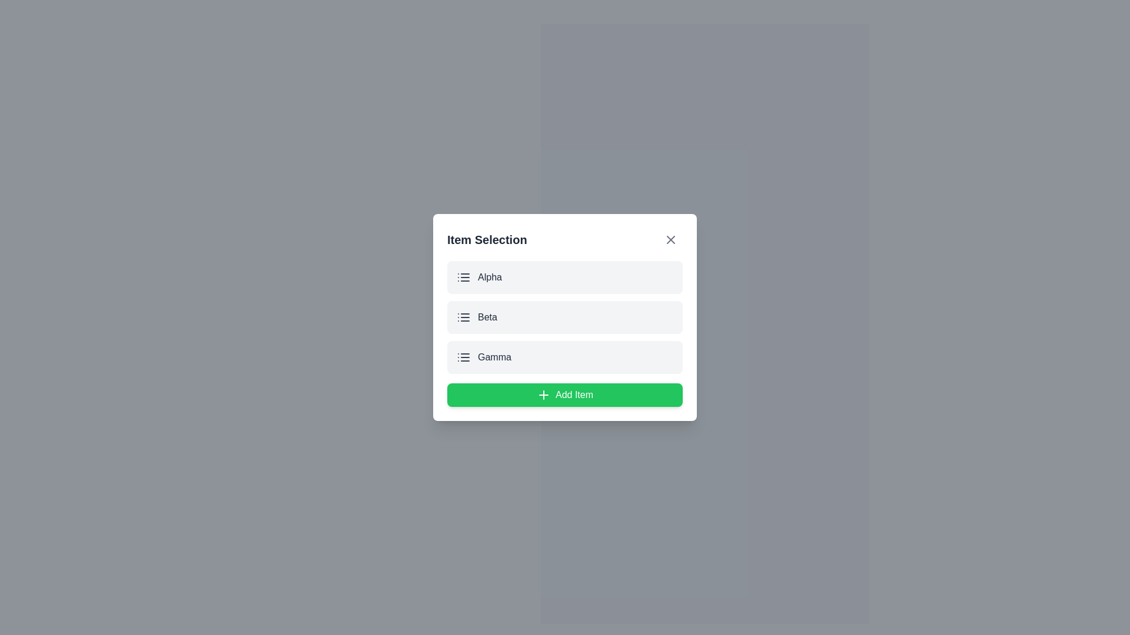 The image size is (1130, 635). Describe the element at coordinates (671, 239) in the screenshot. I see `the close button (X) to close the dialog` at that location.